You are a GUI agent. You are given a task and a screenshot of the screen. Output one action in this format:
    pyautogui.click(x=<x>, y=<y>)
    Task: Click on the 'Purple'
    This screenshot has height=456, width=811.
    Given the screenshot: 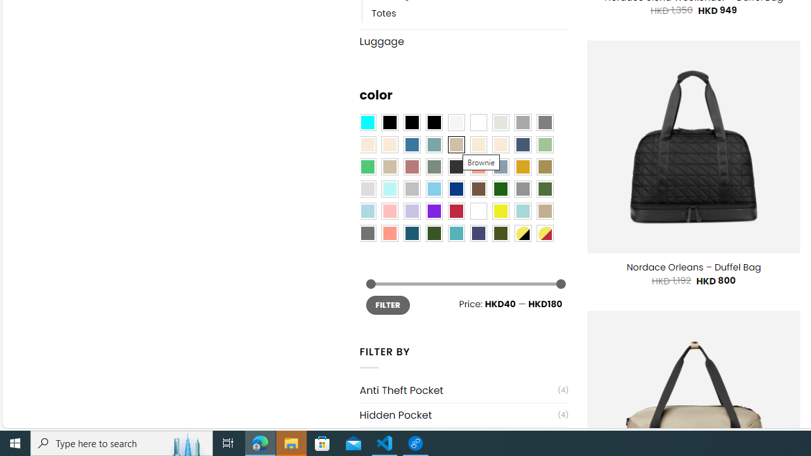 What is the action you would take?
    pyautogui.click(x=433, y=211)
    